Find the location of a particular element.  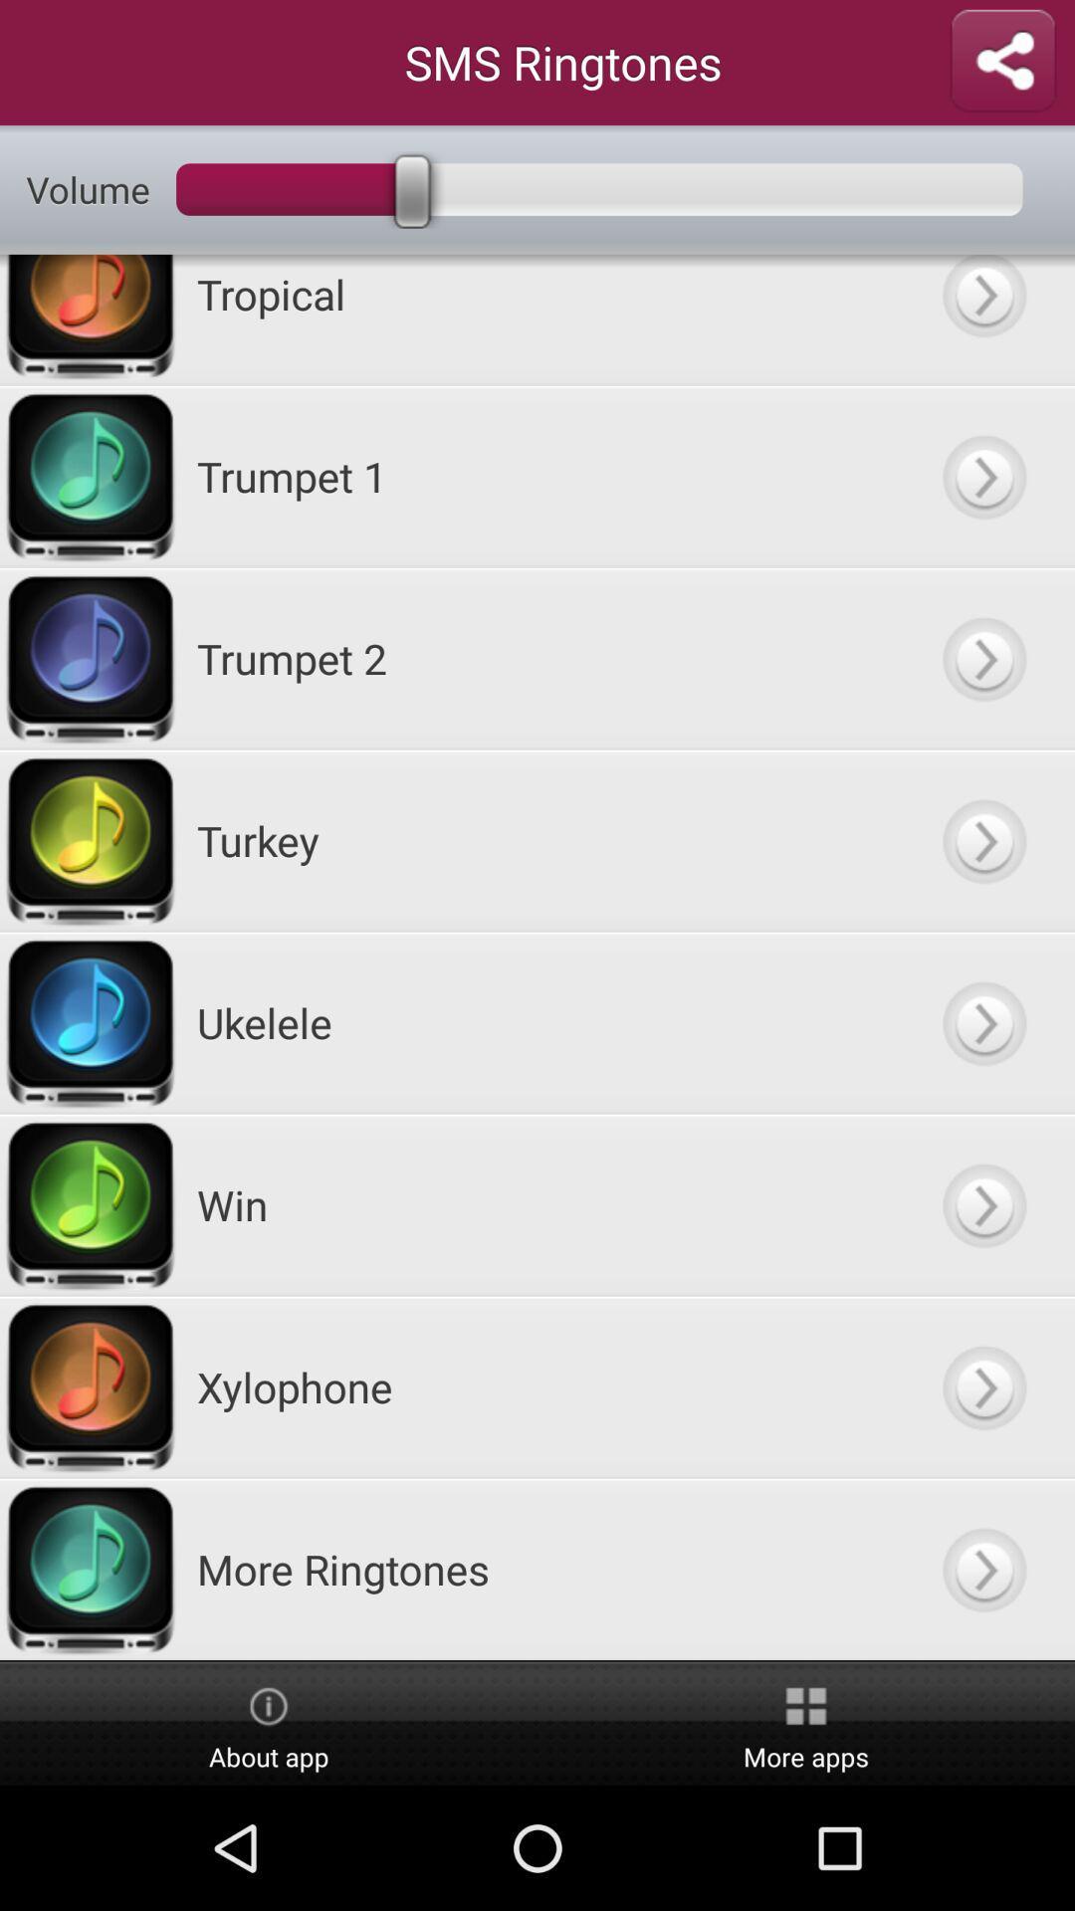

tumpet 2 ringtone is located at coordinates (982, 658).